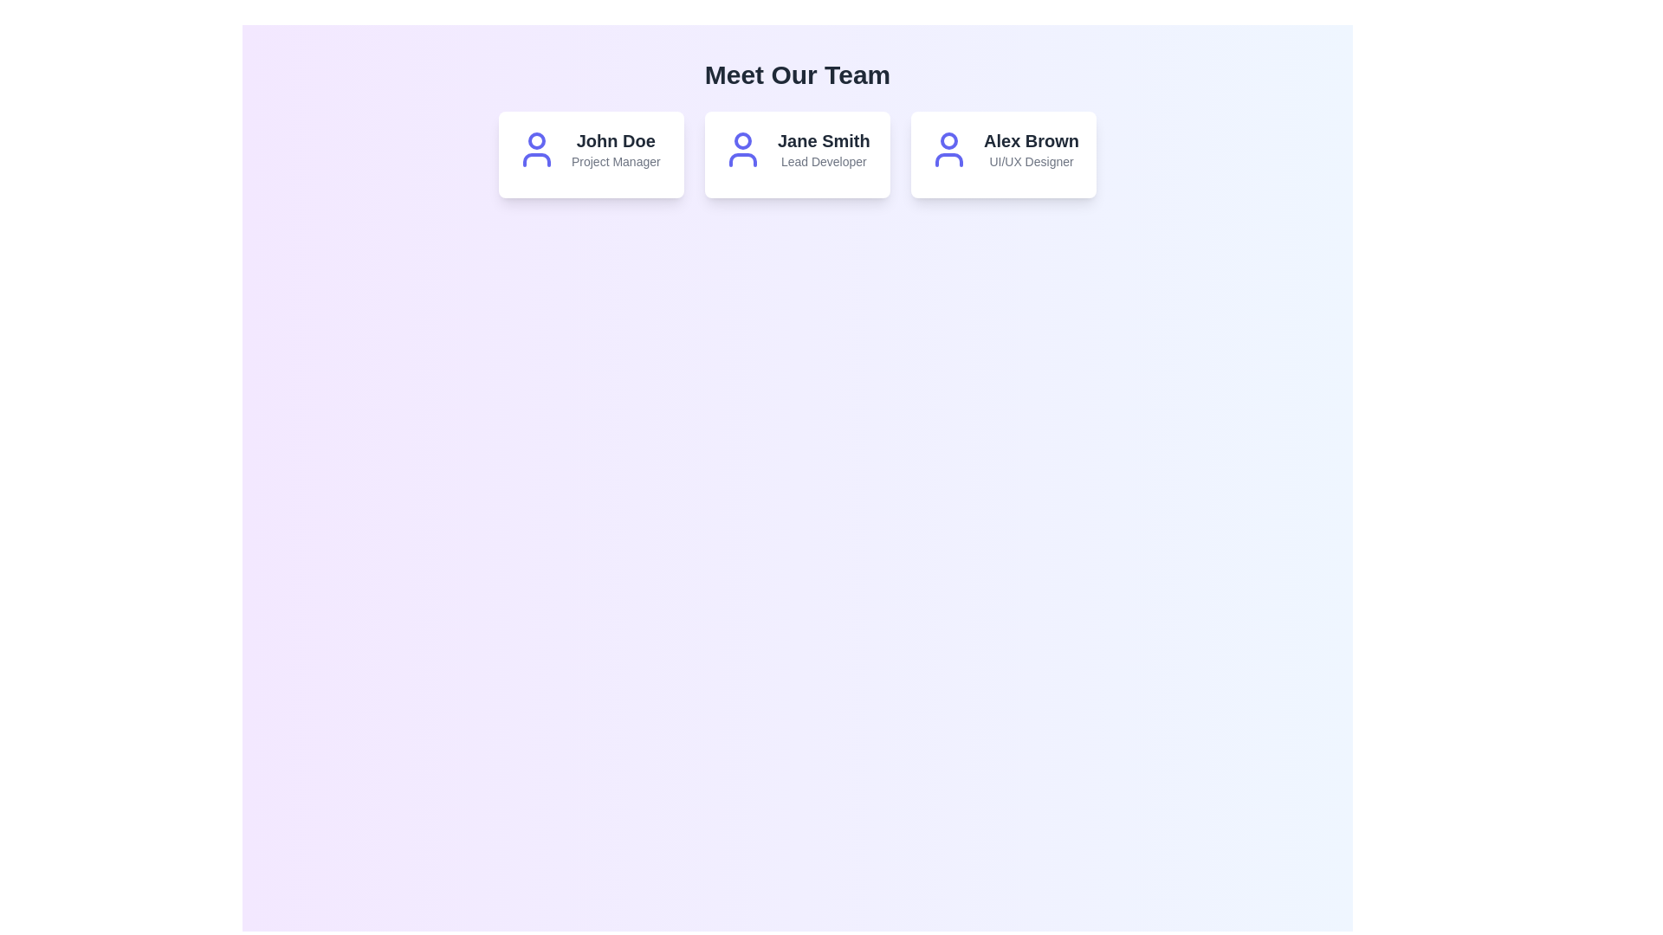 The width and height of the screenshot is (1663, 935). Describe the element at coordinates (1031, 161) in the screenshot. I see `the text label indicating the professional position of 'Alex Brown' located below the name in the 'Meet Our Team' section of the rightmost card` at that location.